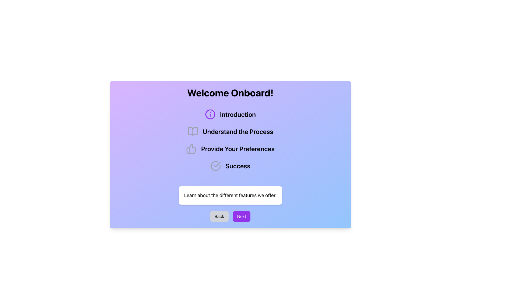 The width and height of the screenshot is (517, 290). Describe the element at coordinates (237, 165) in the screenshot. I see `the bold text label displaying the word 'Success', which is the fourth item in the onboarding steps list` at that location.